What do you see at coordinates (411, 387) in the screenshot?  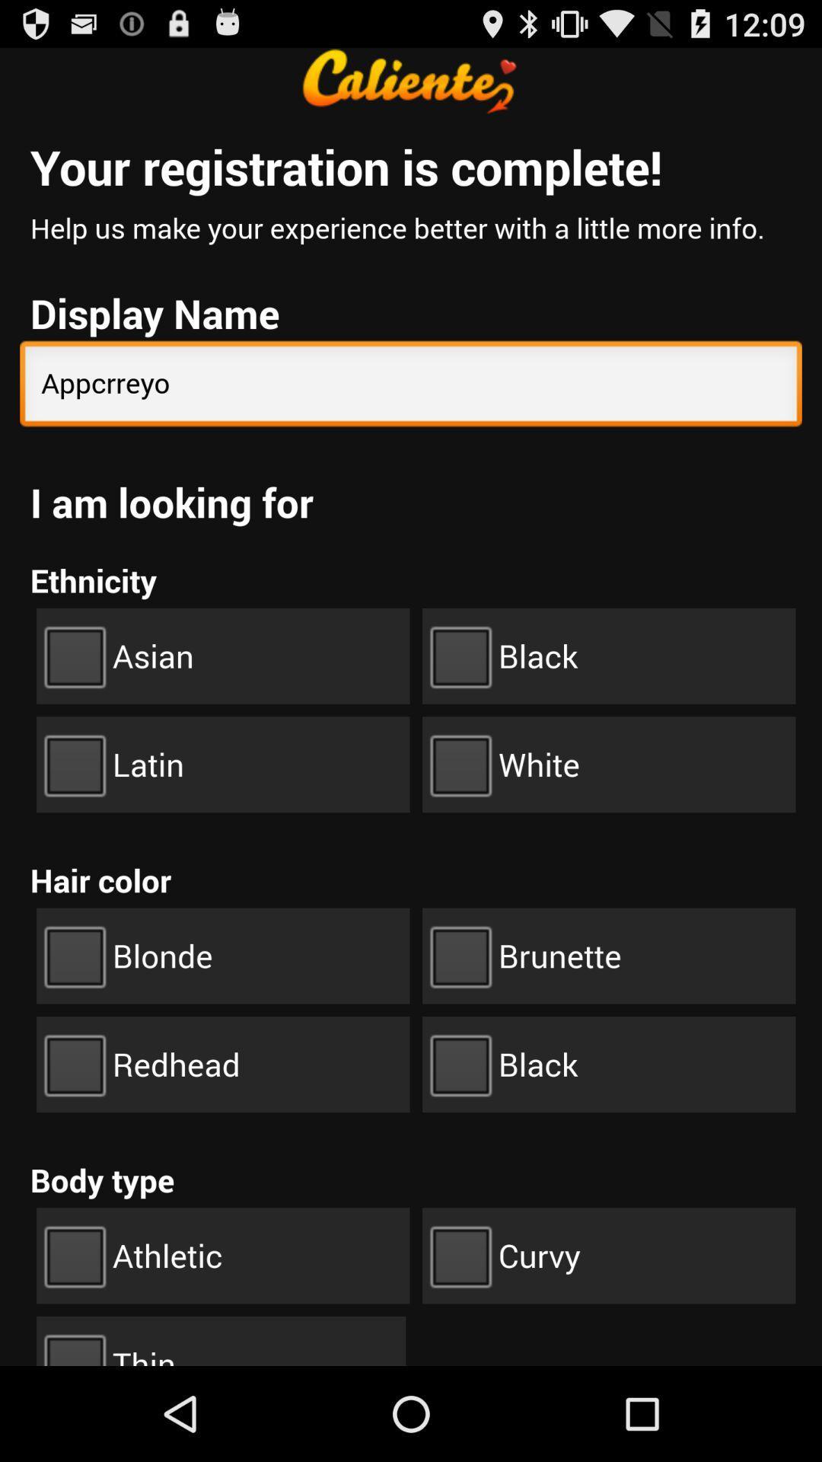 I see `the first text field on the web page` at bounding box center [411, 387].